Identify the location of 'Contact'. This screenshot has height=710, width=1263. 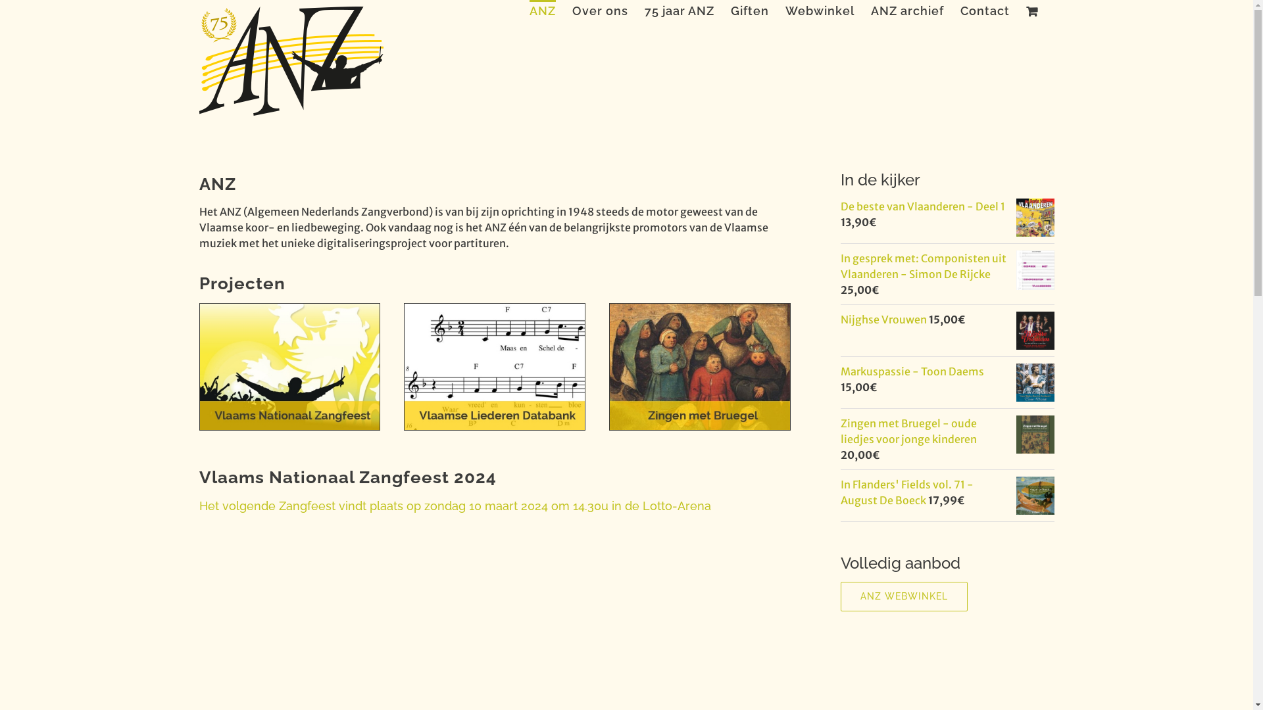
(985, 10).